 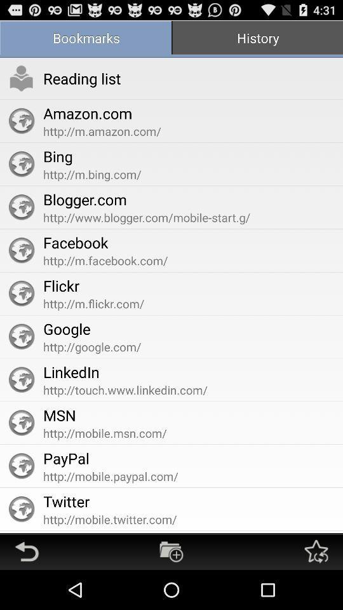 I want to click on new bookmark, so click(x=171, y=551).